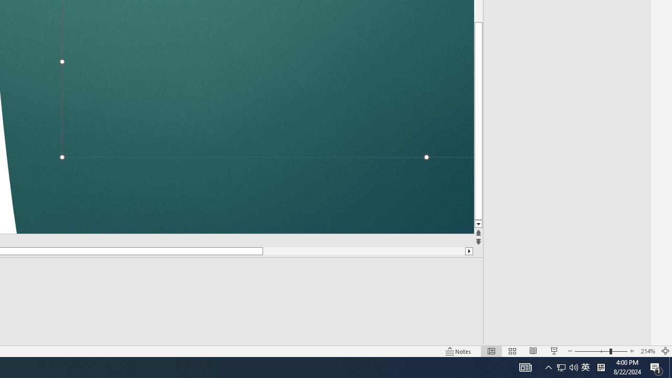  I want to click on 'Zoom In', so click(632, 336).